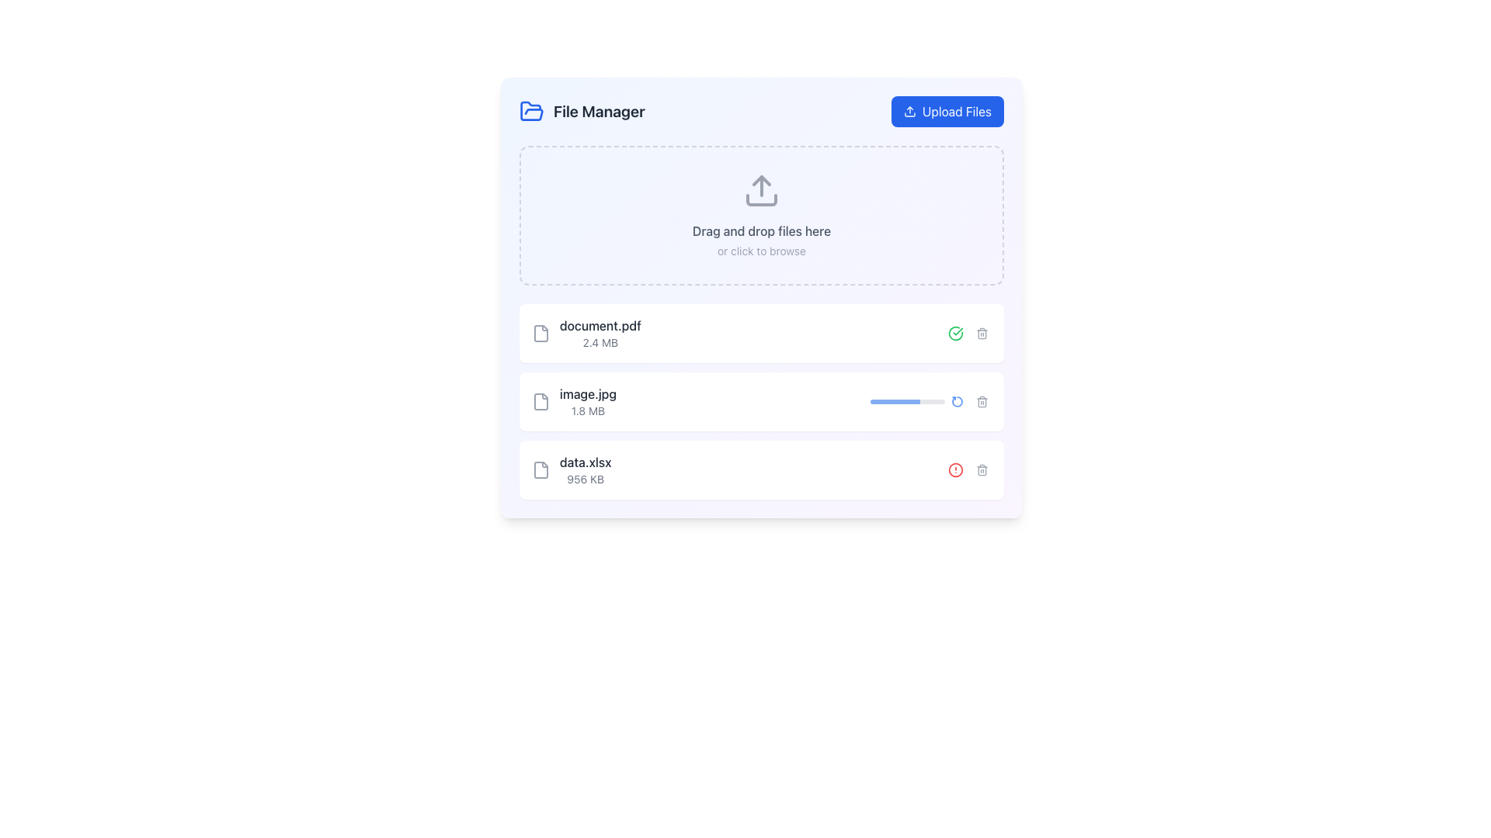 The width and height of the screenshot is (1491, 838). What do you see at coordinates (931, 400) in the screenshot?
I see `the progress visually by focusing on the horizontal progress bar that depicts the ongoing process of uploading or loading a file, located centrally within the file information row next to the filename 'image.jpg 1.8 MB'` at bounding box center [931, 400].